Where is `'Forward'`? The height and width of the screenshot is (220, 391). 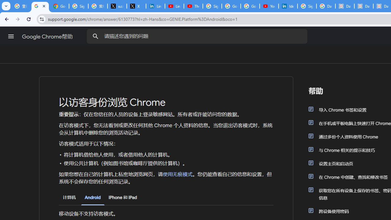
'Forward' is located at coordinates (18, 19).